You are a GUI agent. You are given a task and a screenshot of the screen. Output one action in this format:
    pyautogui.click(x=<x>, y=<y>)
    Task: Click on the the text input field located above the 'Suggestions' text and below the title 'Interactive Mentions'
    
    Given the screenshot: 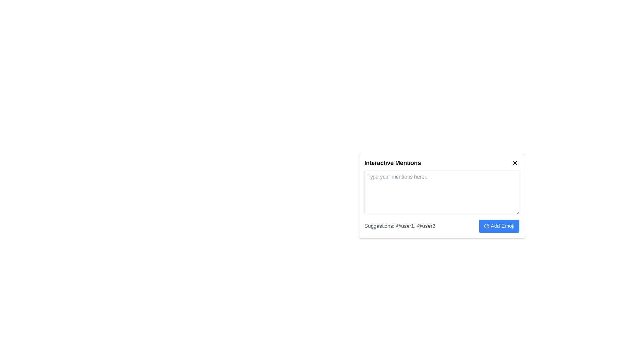 What is the action you would take?
    pyautogui.click(x=442, y=201)
    